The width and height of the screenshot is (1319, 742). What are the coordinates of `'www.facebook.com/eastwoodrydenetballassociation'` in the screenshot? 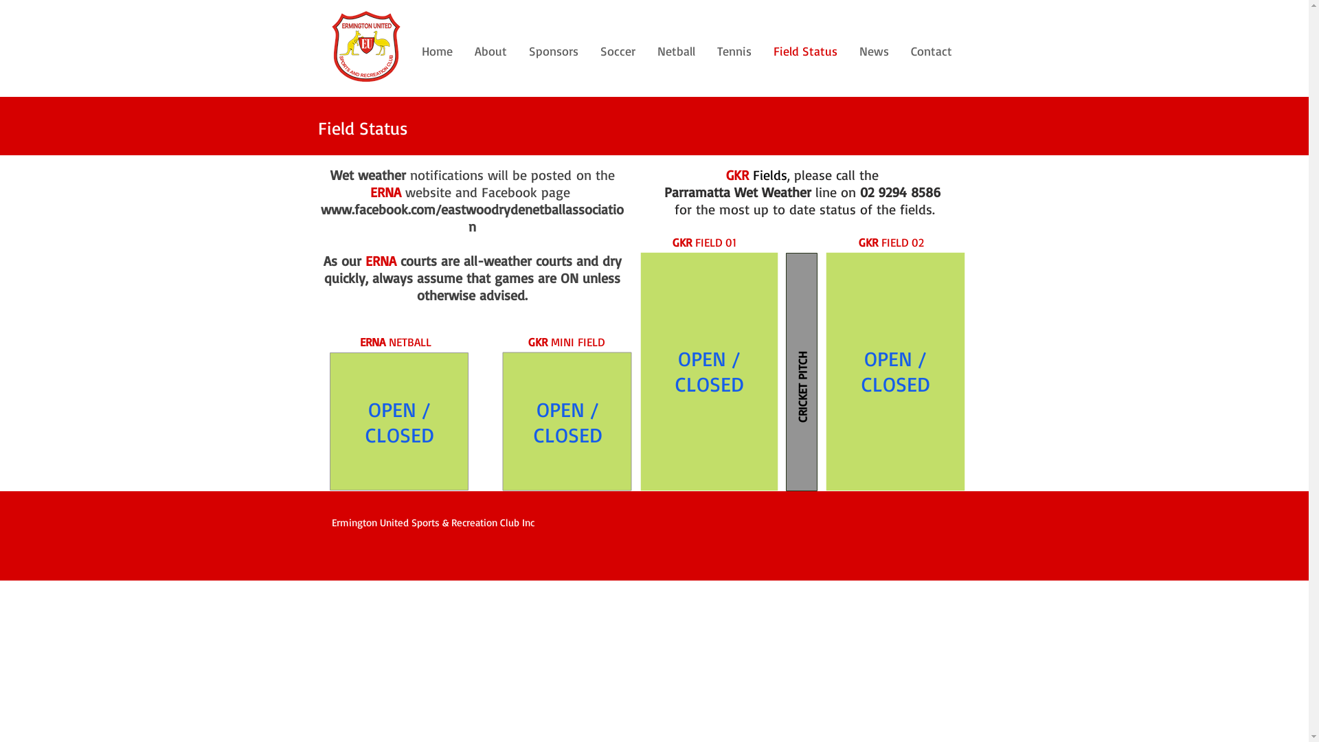 It's located at (472, 216).